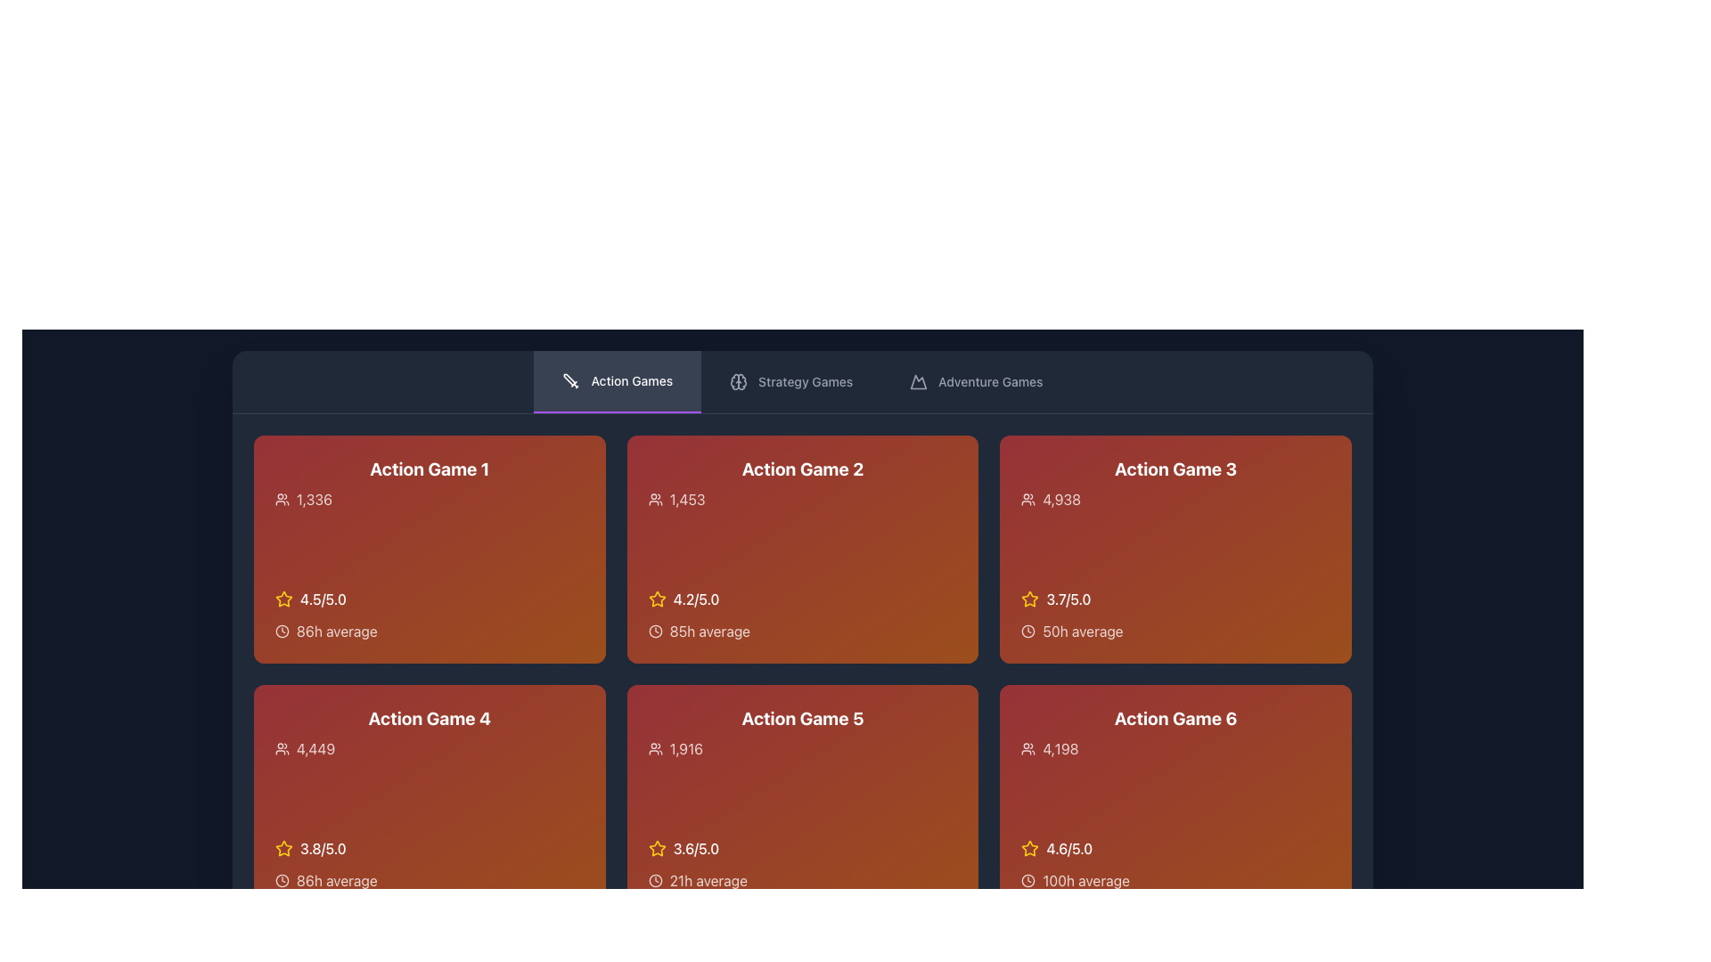 The image size is (1711, 962). Describe the element at coordinates (430, 732) in the screenshot. I see `the text label reading 'Action Game 4' with a smaller text '4,449' below it, which is displayed in bold white font on a gradient background from deep red to orange` at that location.